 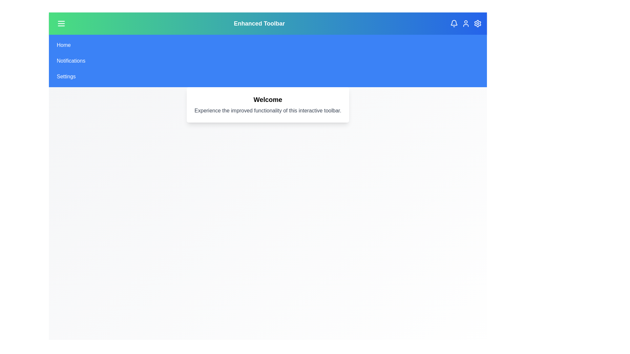 I want to click on the interactive element user_icon, so click(x=466, y=23).